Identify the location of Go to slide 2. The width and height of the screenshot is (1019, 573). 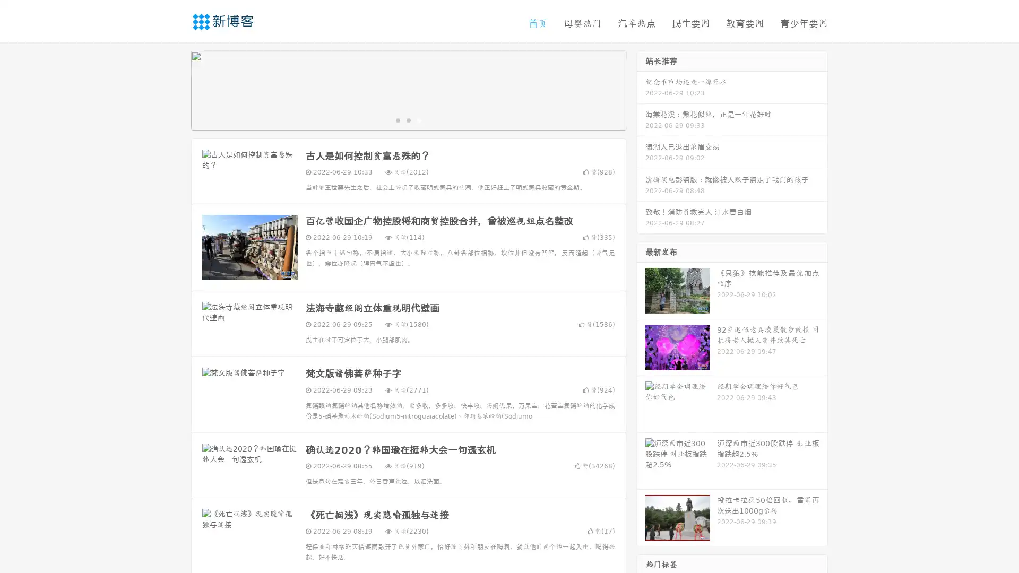
(408, 119).